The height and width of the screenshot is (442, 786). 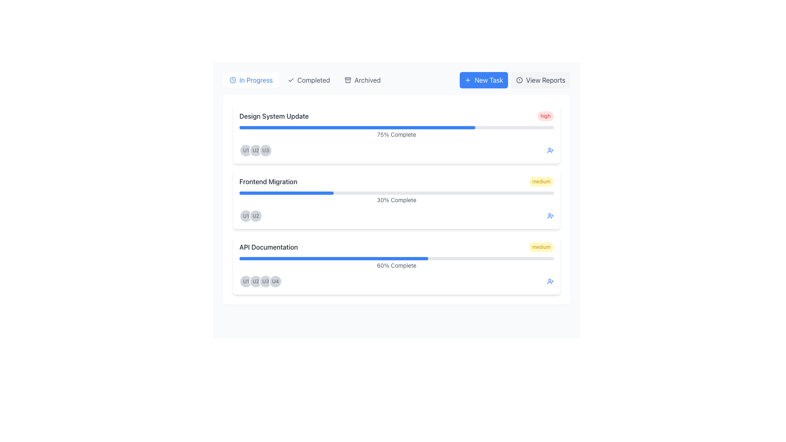 I want to click on the 'In Progress' button, which is the first button in a horizontal row of three, located at the top left of the interface, so click(x=251, y=80).